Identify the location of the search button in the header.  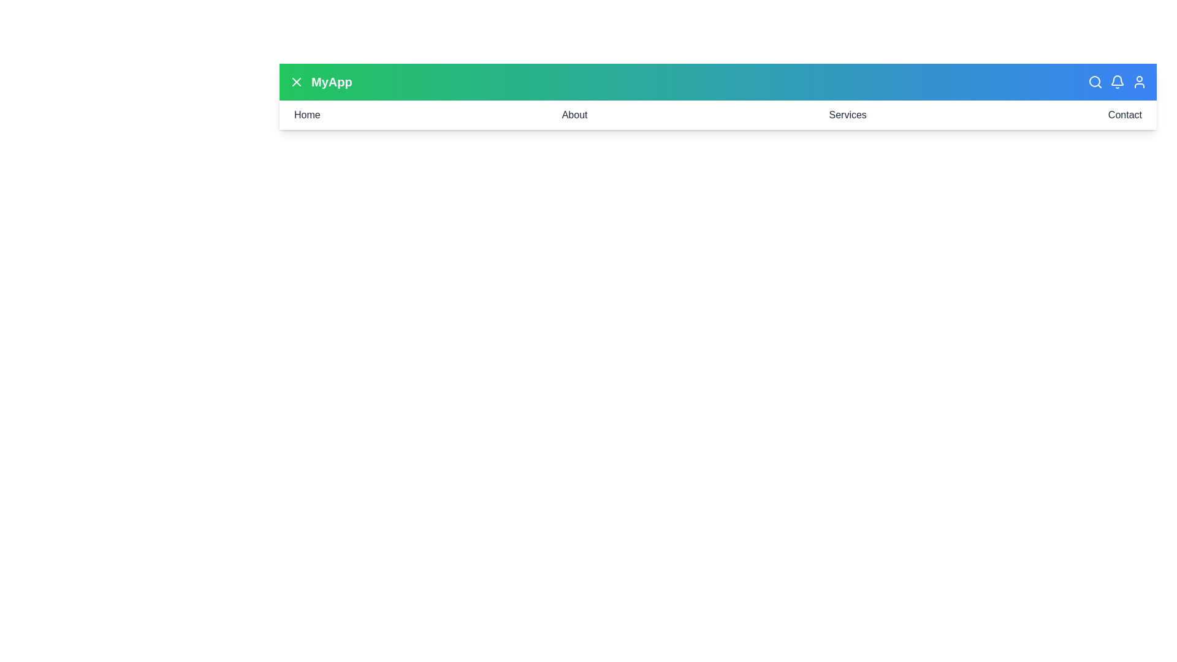
(1095, 82).